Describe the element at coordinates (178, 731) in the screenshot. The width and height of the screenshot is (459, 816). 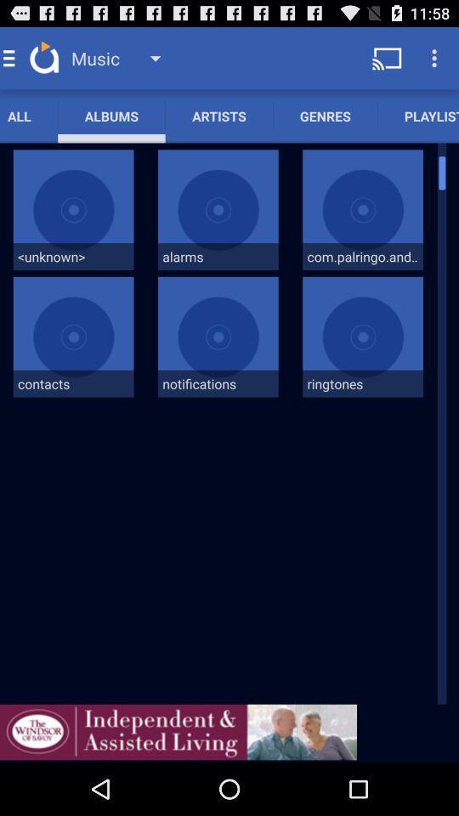
I see `advertisement` at that location.